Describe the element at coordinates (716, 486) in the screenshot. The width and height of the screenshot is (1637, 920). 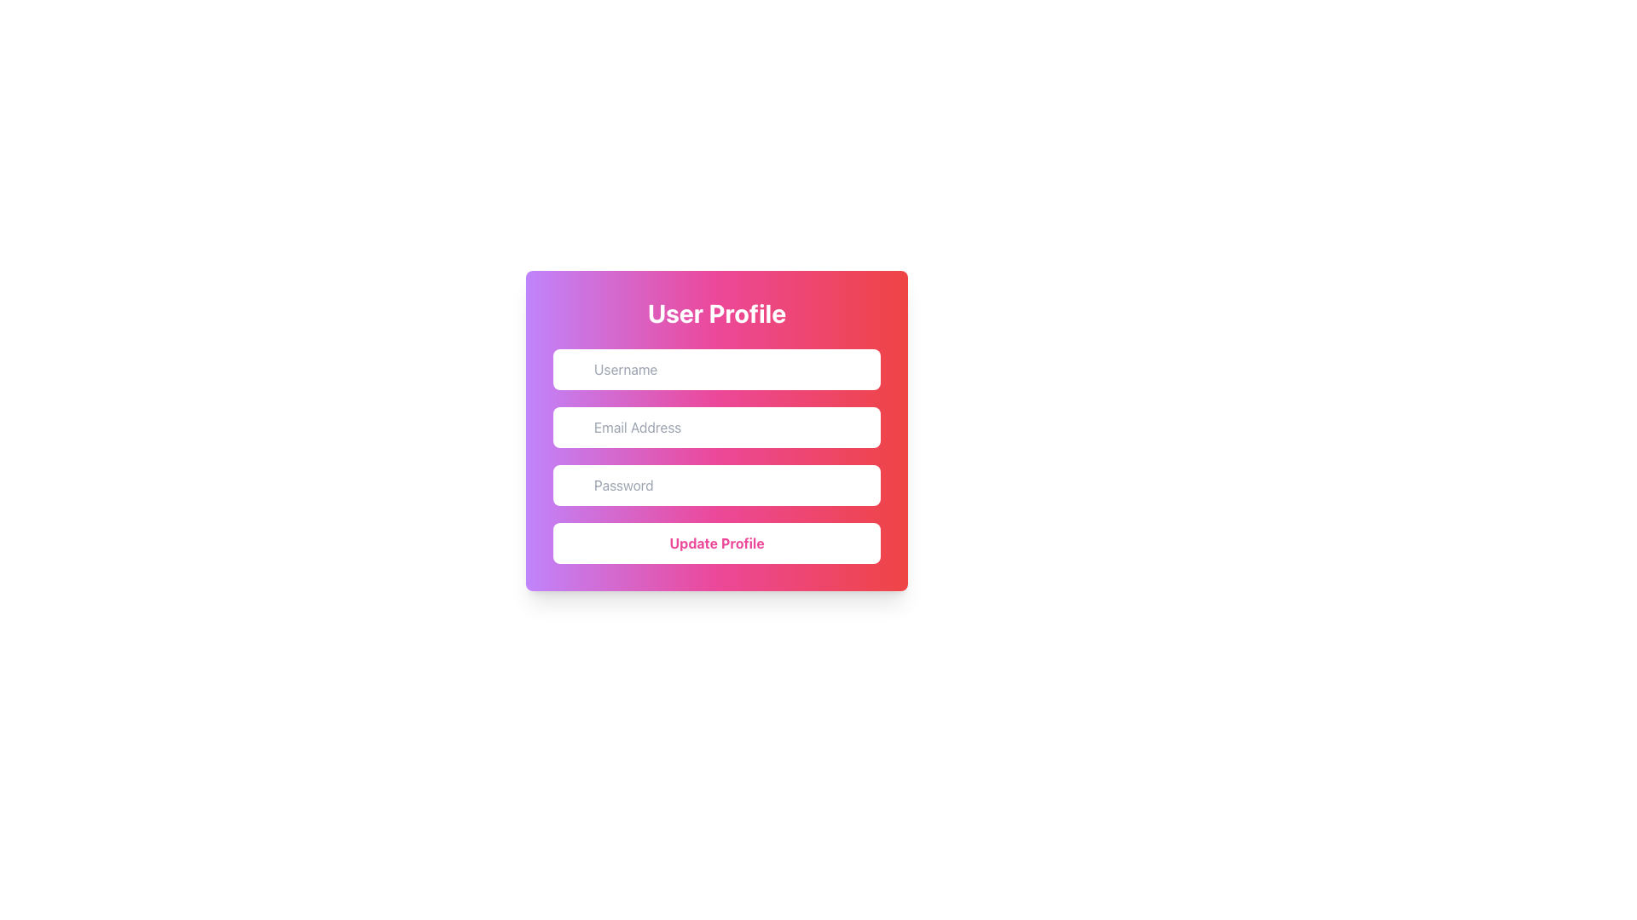
I see `the password input field, which is the third input field` at that location.